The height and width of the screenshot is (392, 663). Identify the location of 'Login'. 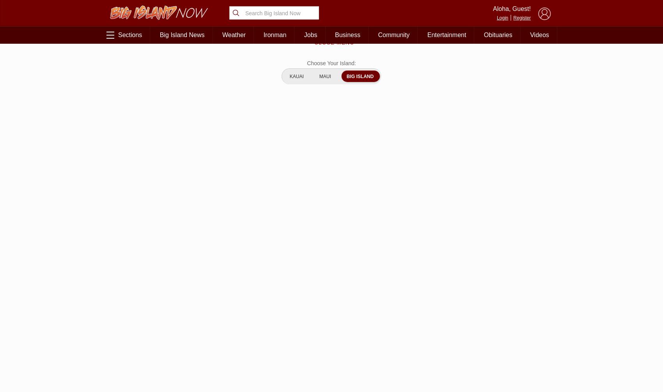
(502, 17).